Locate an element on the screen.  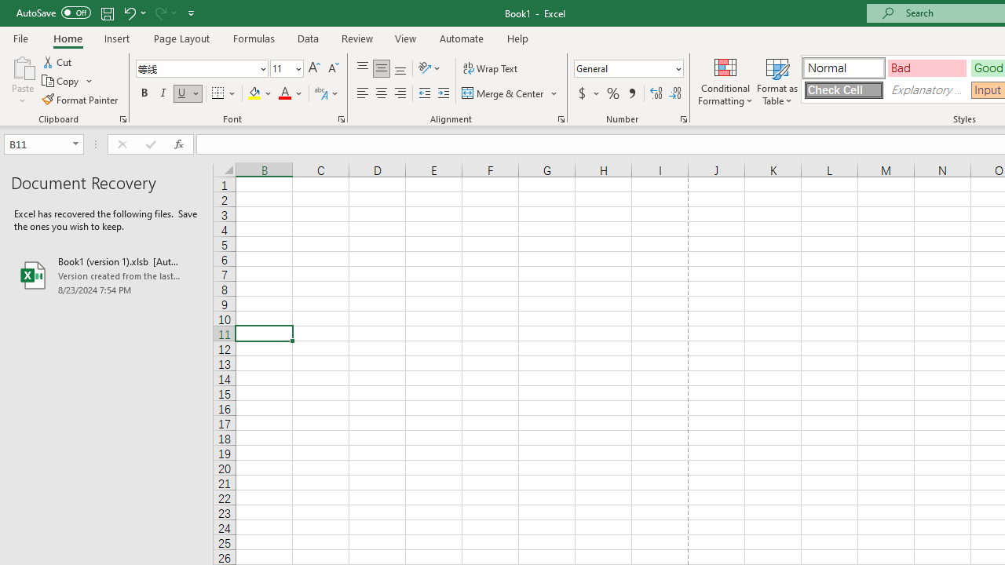
'Borders' is located at coordinates (224, 93).